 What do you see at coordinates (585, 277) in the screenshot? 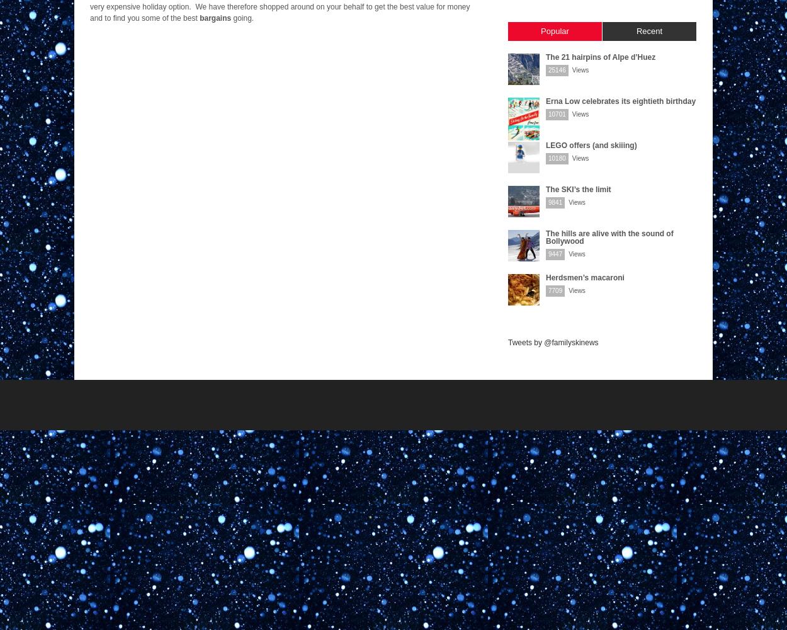
I see `'Herdsmen’s macaroni'` at bounding box center [585, 277].